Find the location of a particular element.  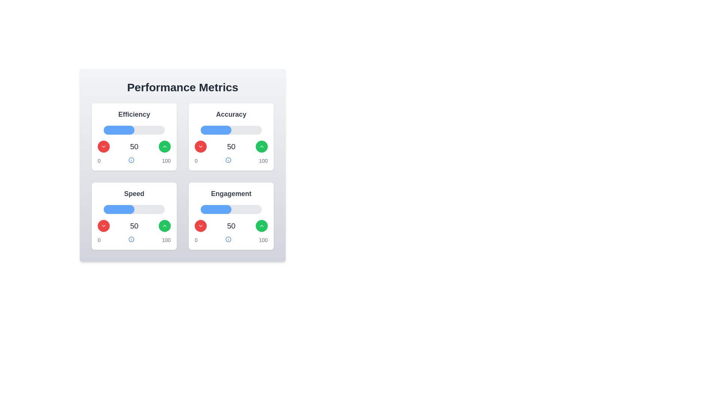

the text label displaying the score '50' for the Engagement metric is located at coordinates (231, 226).